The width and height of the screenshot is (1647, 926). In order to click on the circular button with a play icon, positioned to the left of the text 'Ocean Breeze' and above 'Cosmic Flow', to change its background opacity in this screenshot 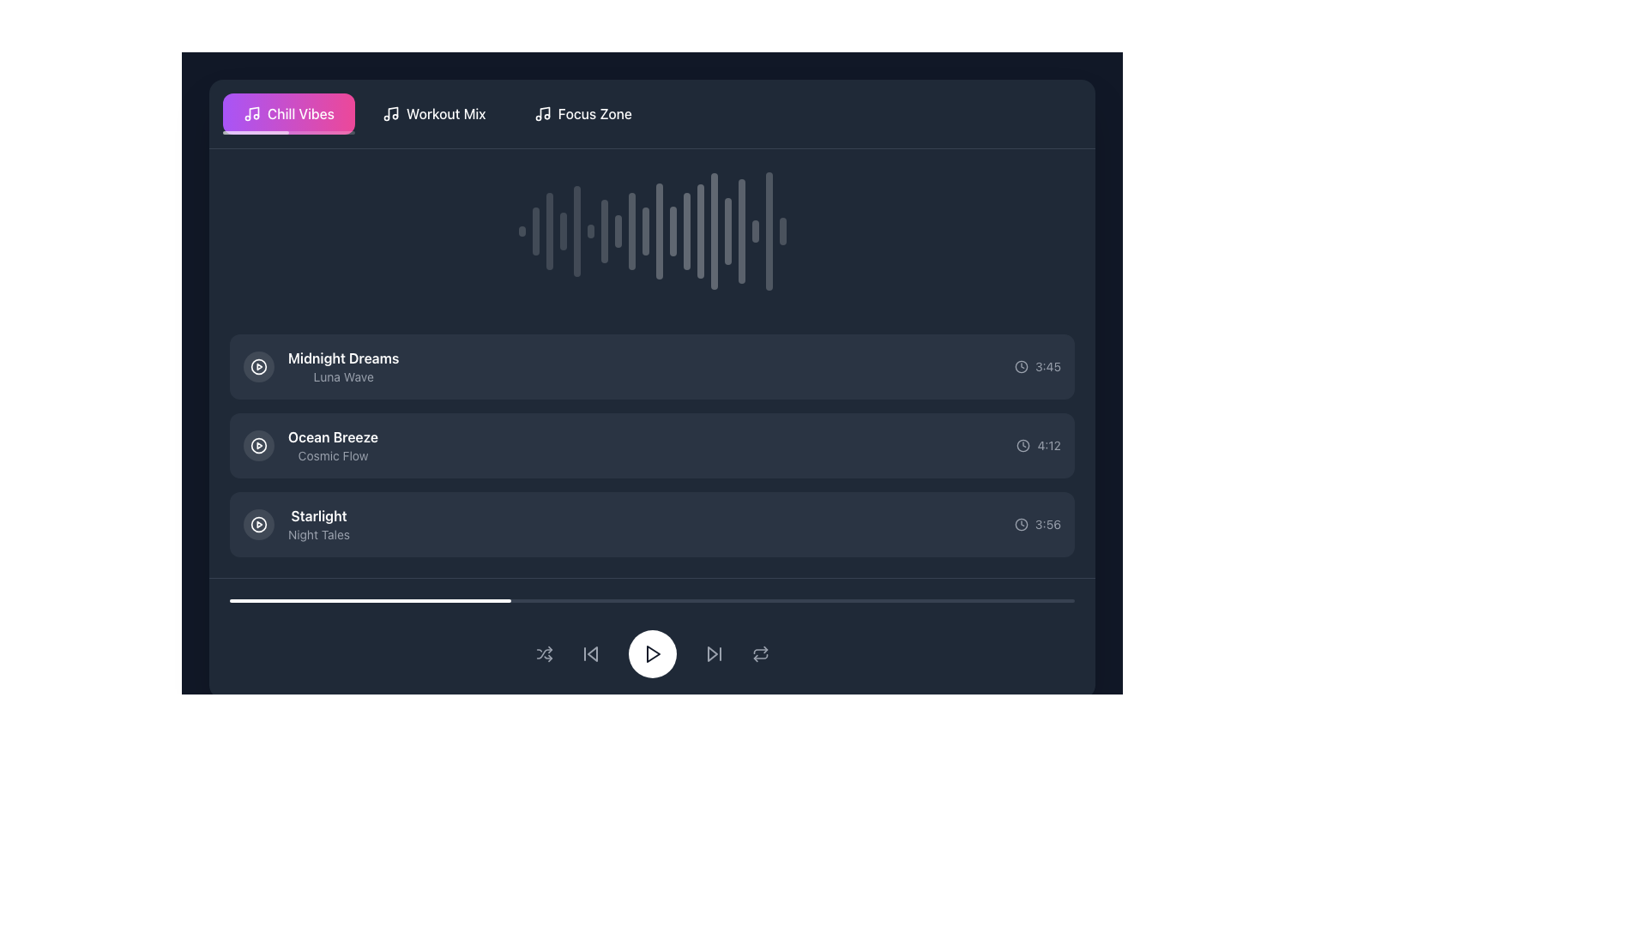, I will do `click(258, 445)`.